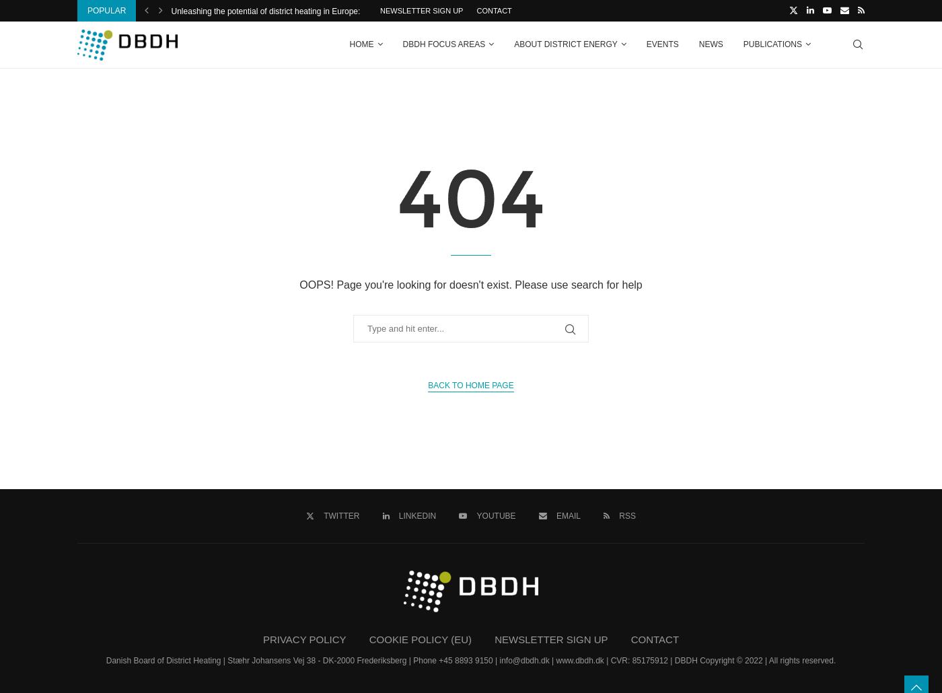  What do you see at coordinates (470, 659) in the screenshot?
I see `'Danish Board of District Heating | Stæhr Johansens Vej 38 - DK-2000 Frederiksberg | Phone +45 8893 9150 | info@dbdh.dk | www.dbdh.dk | CVR: 85175912 | DBDH
Copyright © 2022 | All rights reserved.'` at bounding box center [470, 659].